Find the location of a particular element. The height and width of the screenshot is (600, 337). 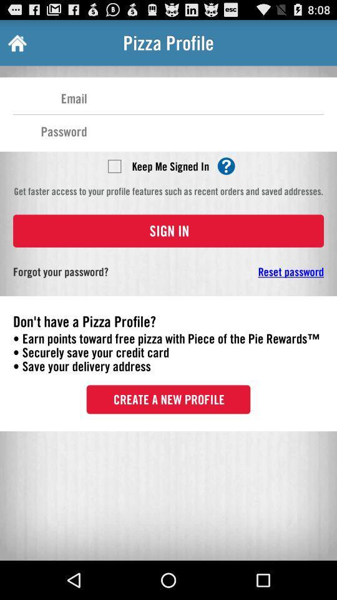

the button below the sign in button is located at coordinates (253, 271).